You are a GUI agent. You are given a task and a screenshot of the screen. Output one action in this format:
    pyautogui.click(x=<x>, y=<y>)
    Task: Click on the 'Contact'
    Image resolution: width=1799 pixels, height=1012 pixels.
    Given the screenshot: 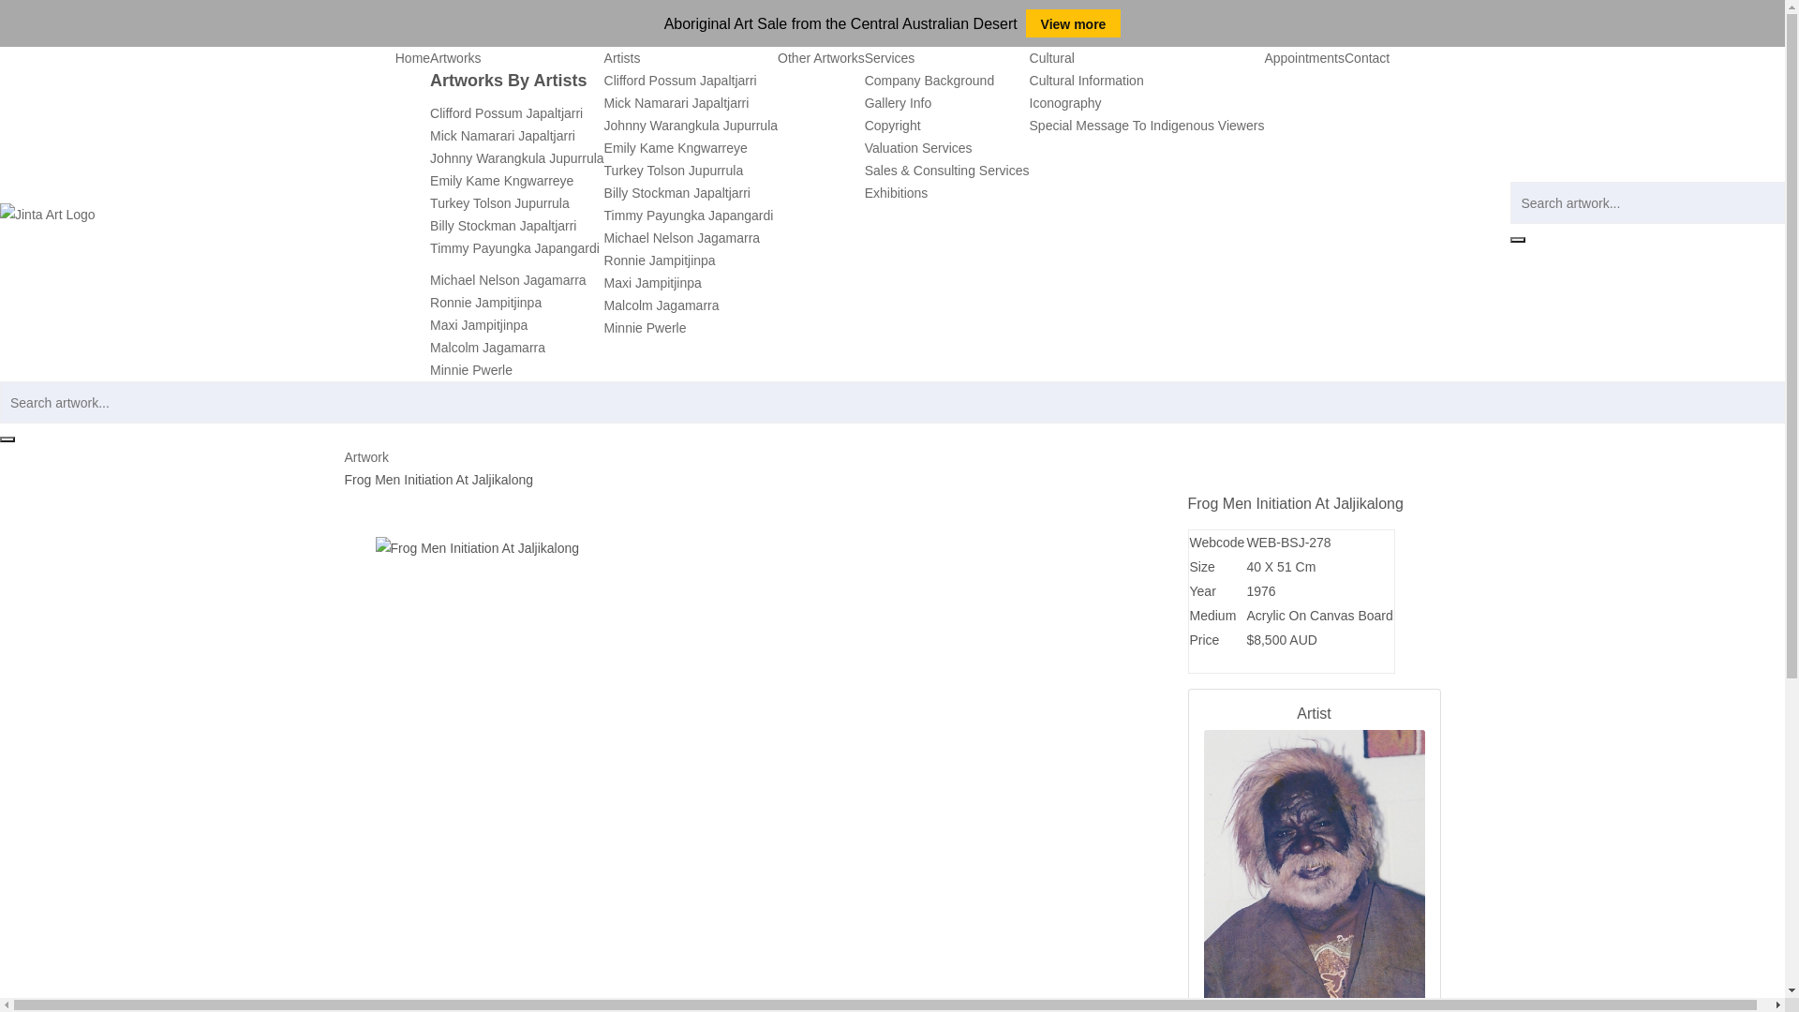 What is the action you would take?
    pyautogui.click(x=1367, y=56)
    